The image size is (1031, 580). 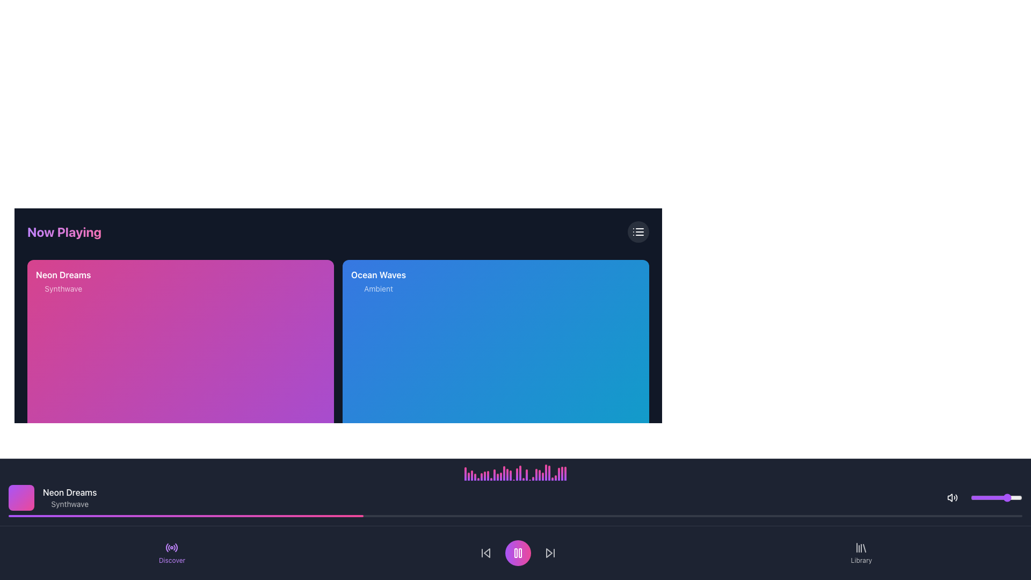 What do you see at coordinates (379, 288) in the screenshot?
I see `the static text label 'Ambient', which is styled in a smaller font size and subdued white color, located in the blue panel below the 'Ocean Waves' heading` at bounding box center [379, 288].